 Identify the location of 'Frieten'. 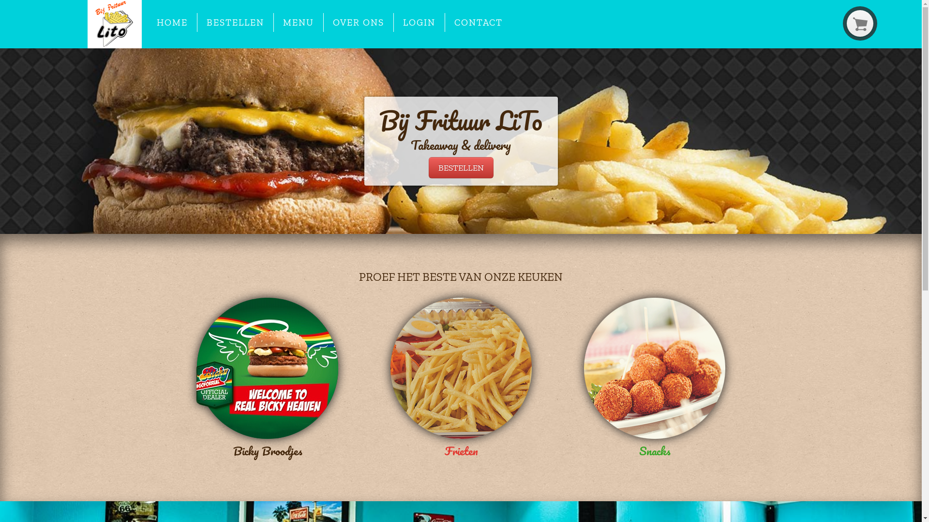
(460, 379).